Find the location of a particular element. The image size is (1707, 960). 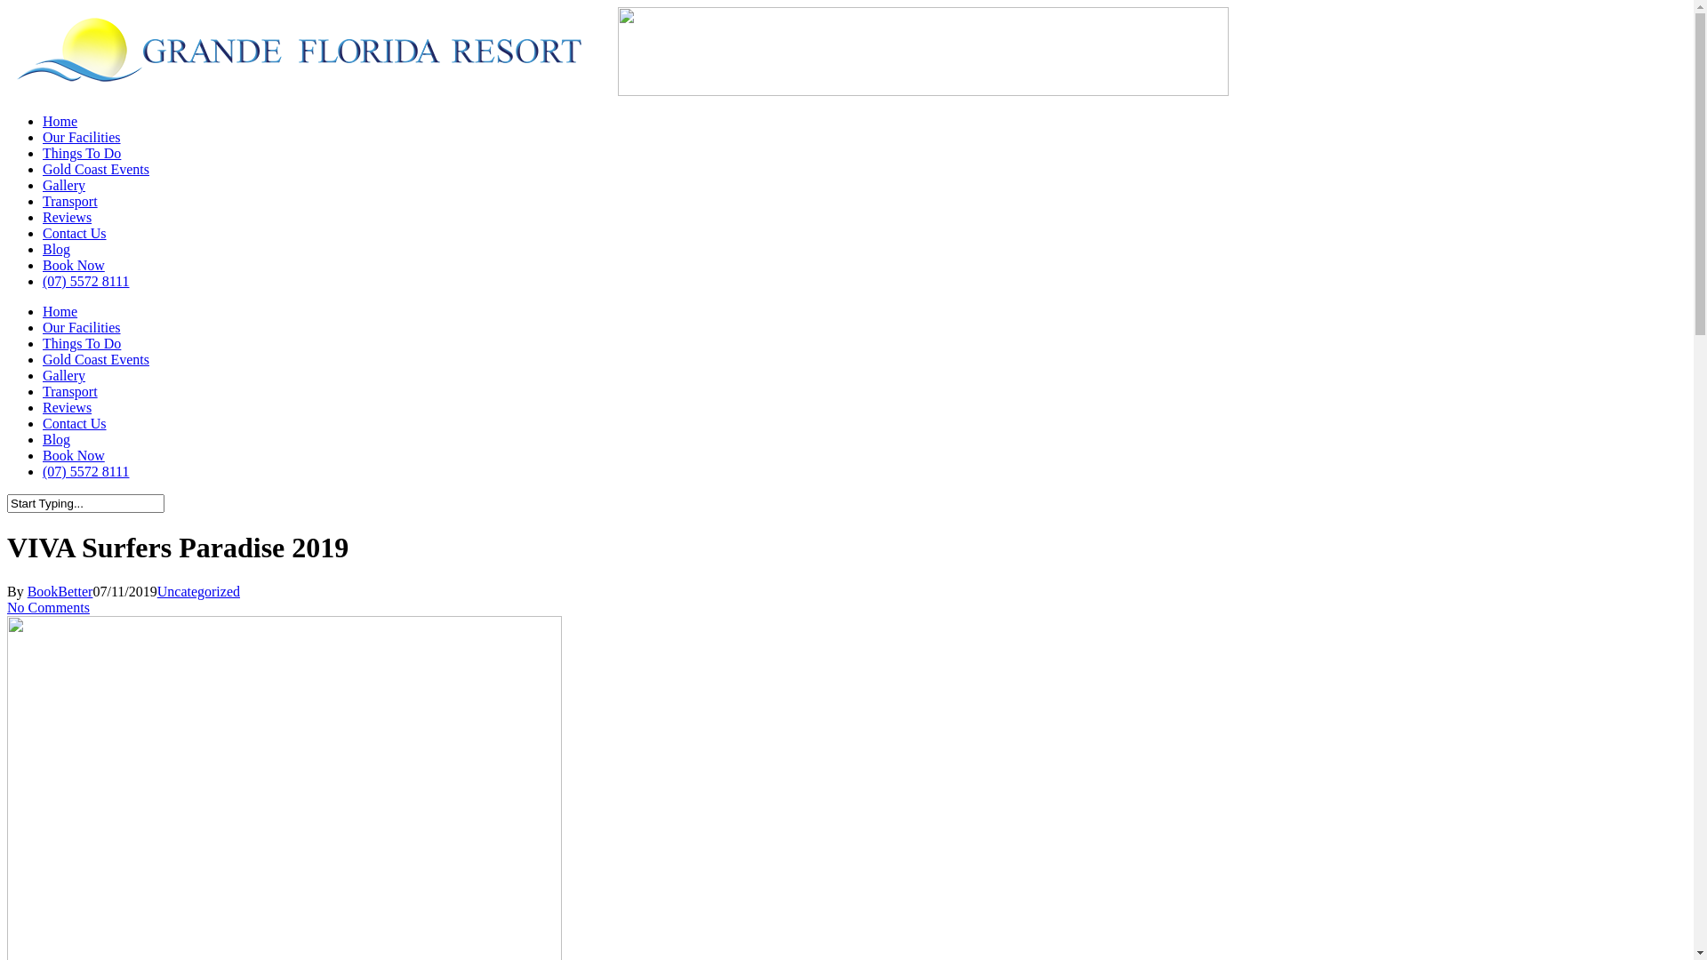

'BookBetter' is located at coordinates (60, 591).